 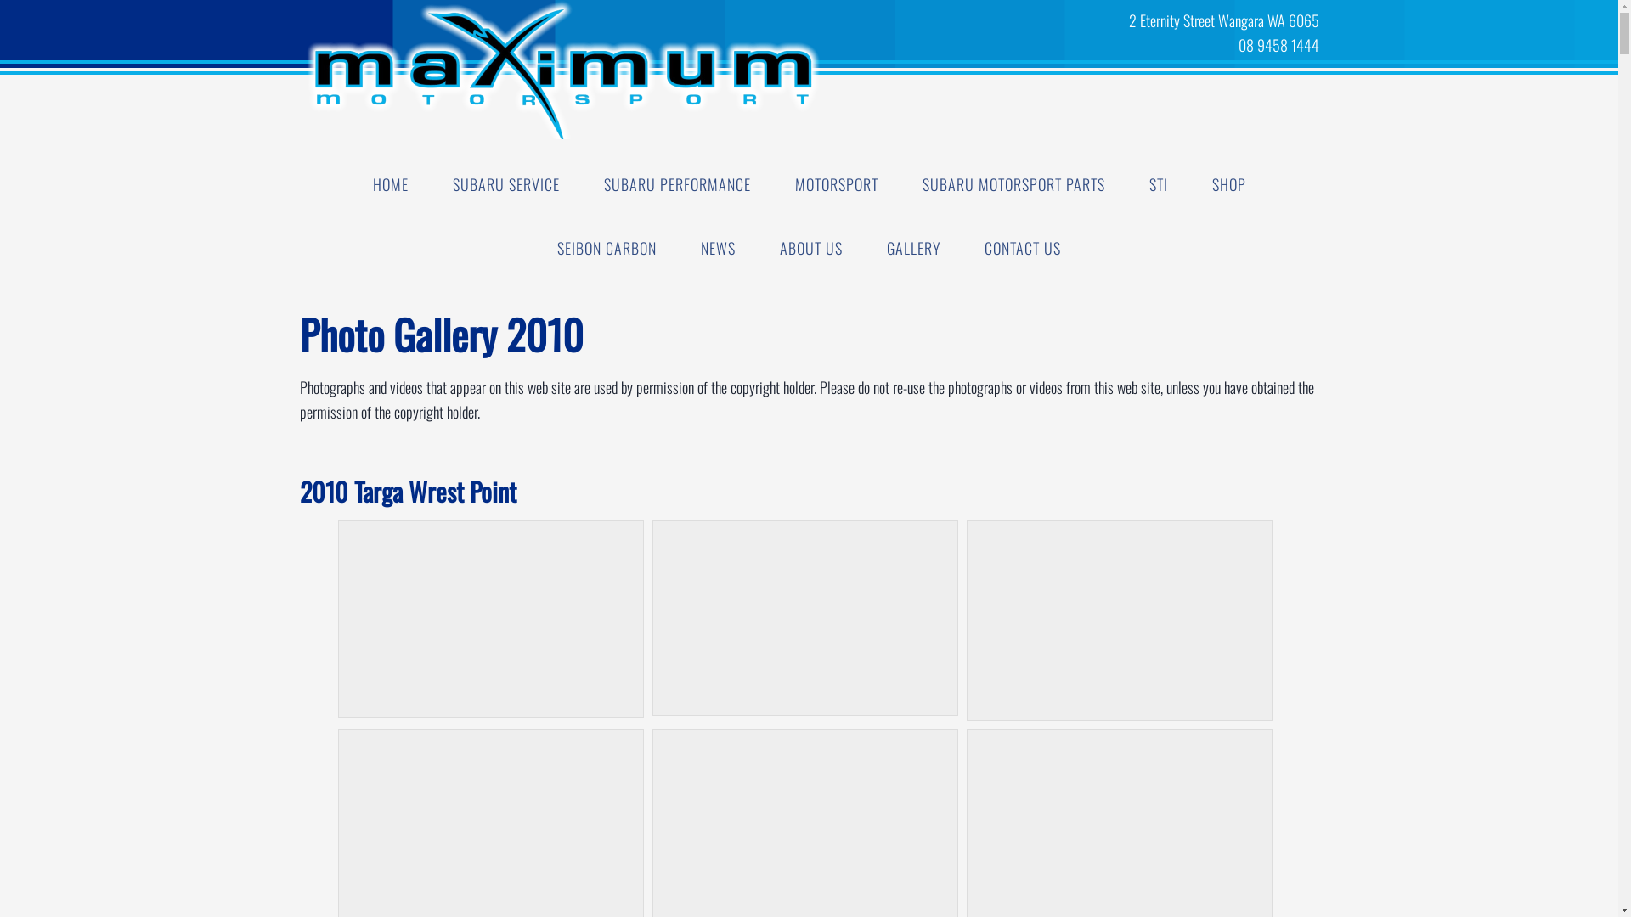 What do you see at coordinates (912, 248) in the screenshot?
I see `'GALLERY'` at bounding box center [912, 248].